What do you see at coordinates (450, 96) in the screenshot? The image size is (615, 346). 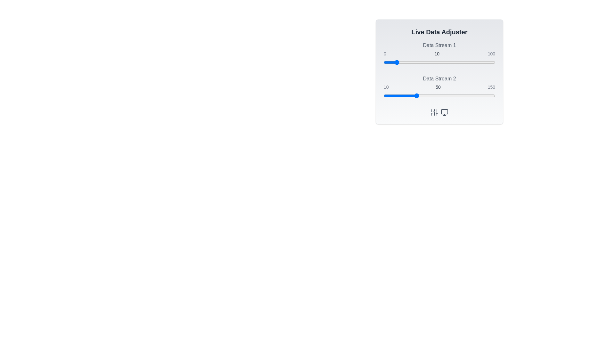 I see `the slider value` at bounding box center [450, 96].